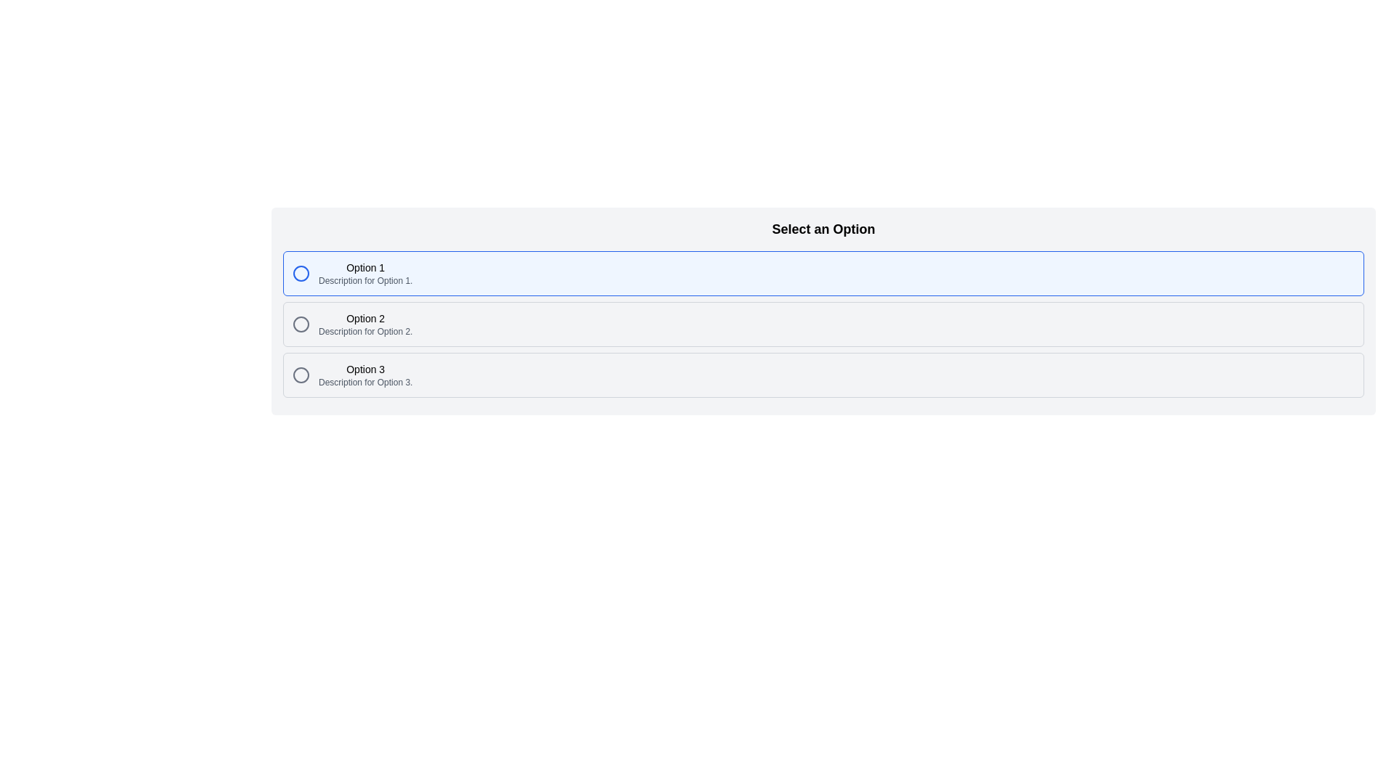 This screenshot has width=1394, height=784. What do you see at coordinates (365, 268) in the screenshot?
I see `the text label that identifies the first option in a list of selectable options, located above 'Option 2' and 'Option 3', adjacent to a circular radio button` at bounding box center [365, 268].